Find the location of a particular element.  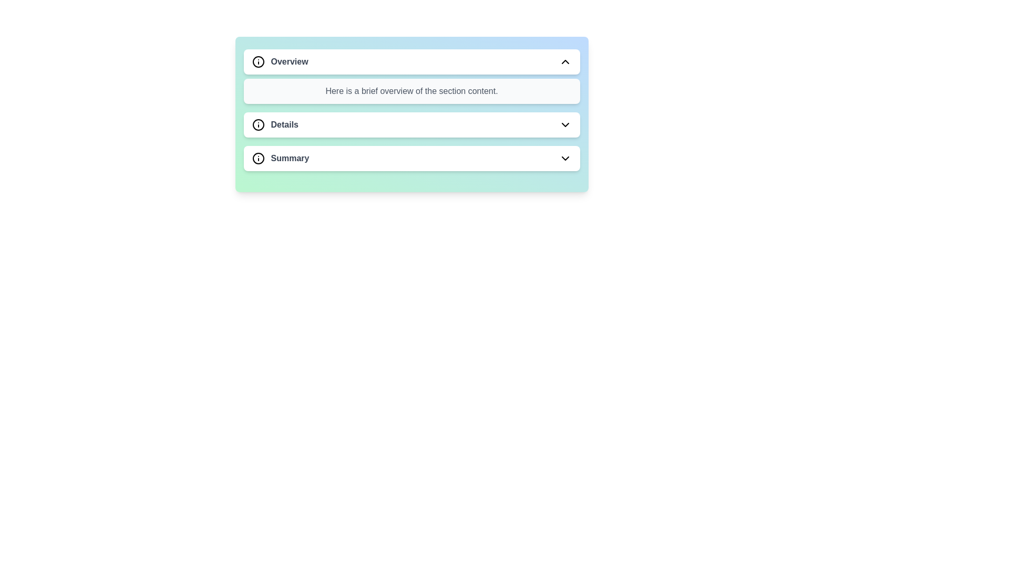

the upward-facing arrow icon, styled as an outlined chevron, located at the far right of the 'Overview' panel is located at coordinates (564, 62).